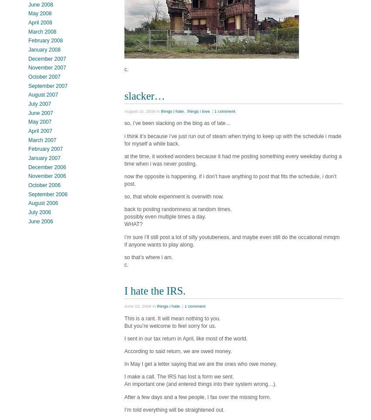 This screenshot has height=420, width=371. What do you see at coordinates (44, 76) in the screenshot?
I see `'October 2007'` at bounding box center [44, 76].